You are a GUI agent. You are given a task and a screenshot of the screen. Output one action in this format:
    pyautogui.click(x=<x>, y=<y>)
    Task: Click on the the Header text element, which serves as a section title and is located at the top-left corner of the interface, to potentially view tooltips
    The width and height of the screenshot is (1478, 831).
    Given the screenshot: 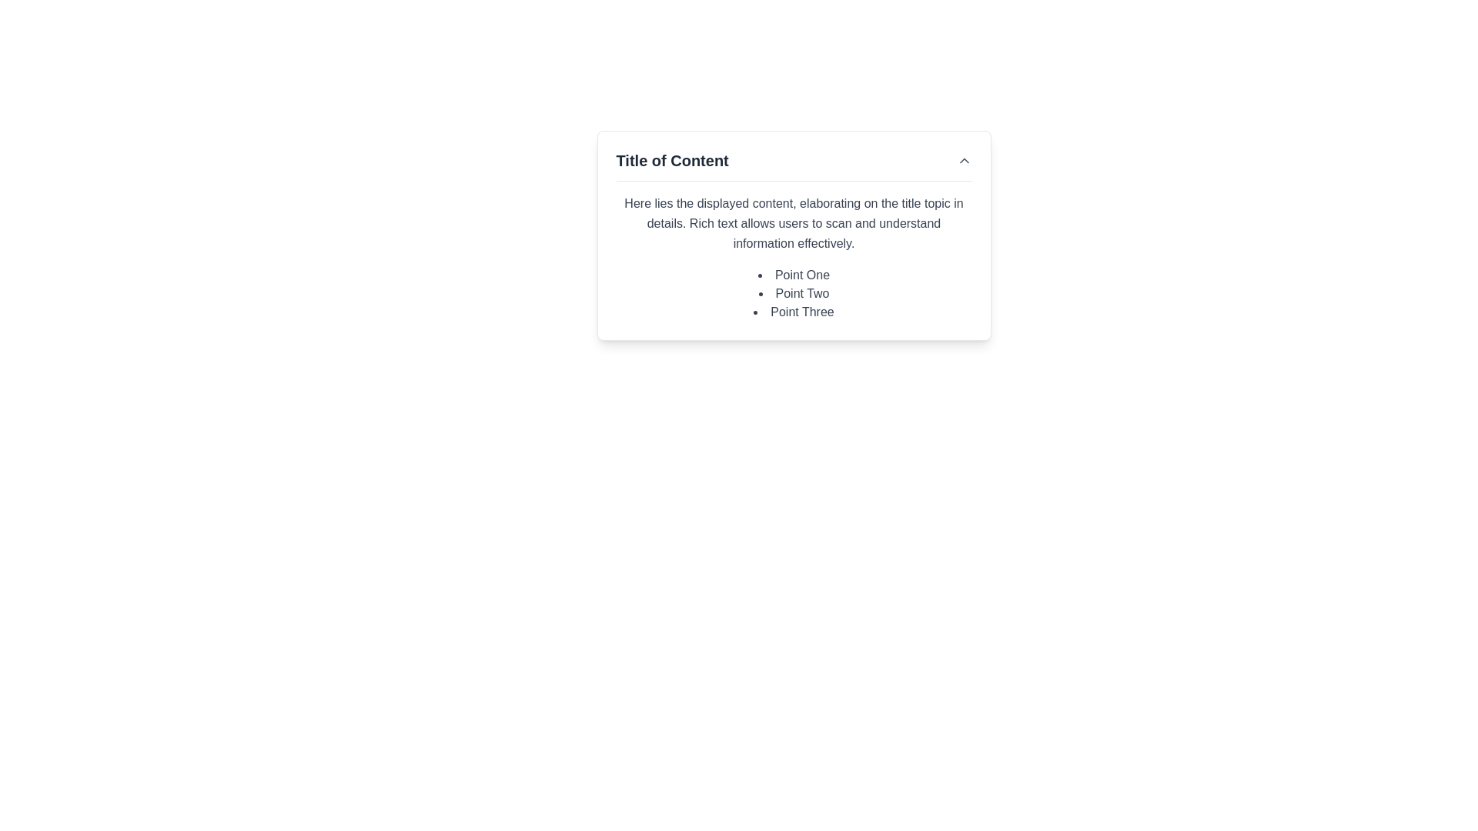 What is the action you would take?
    pyautogui.click(x=672, y=160)
    